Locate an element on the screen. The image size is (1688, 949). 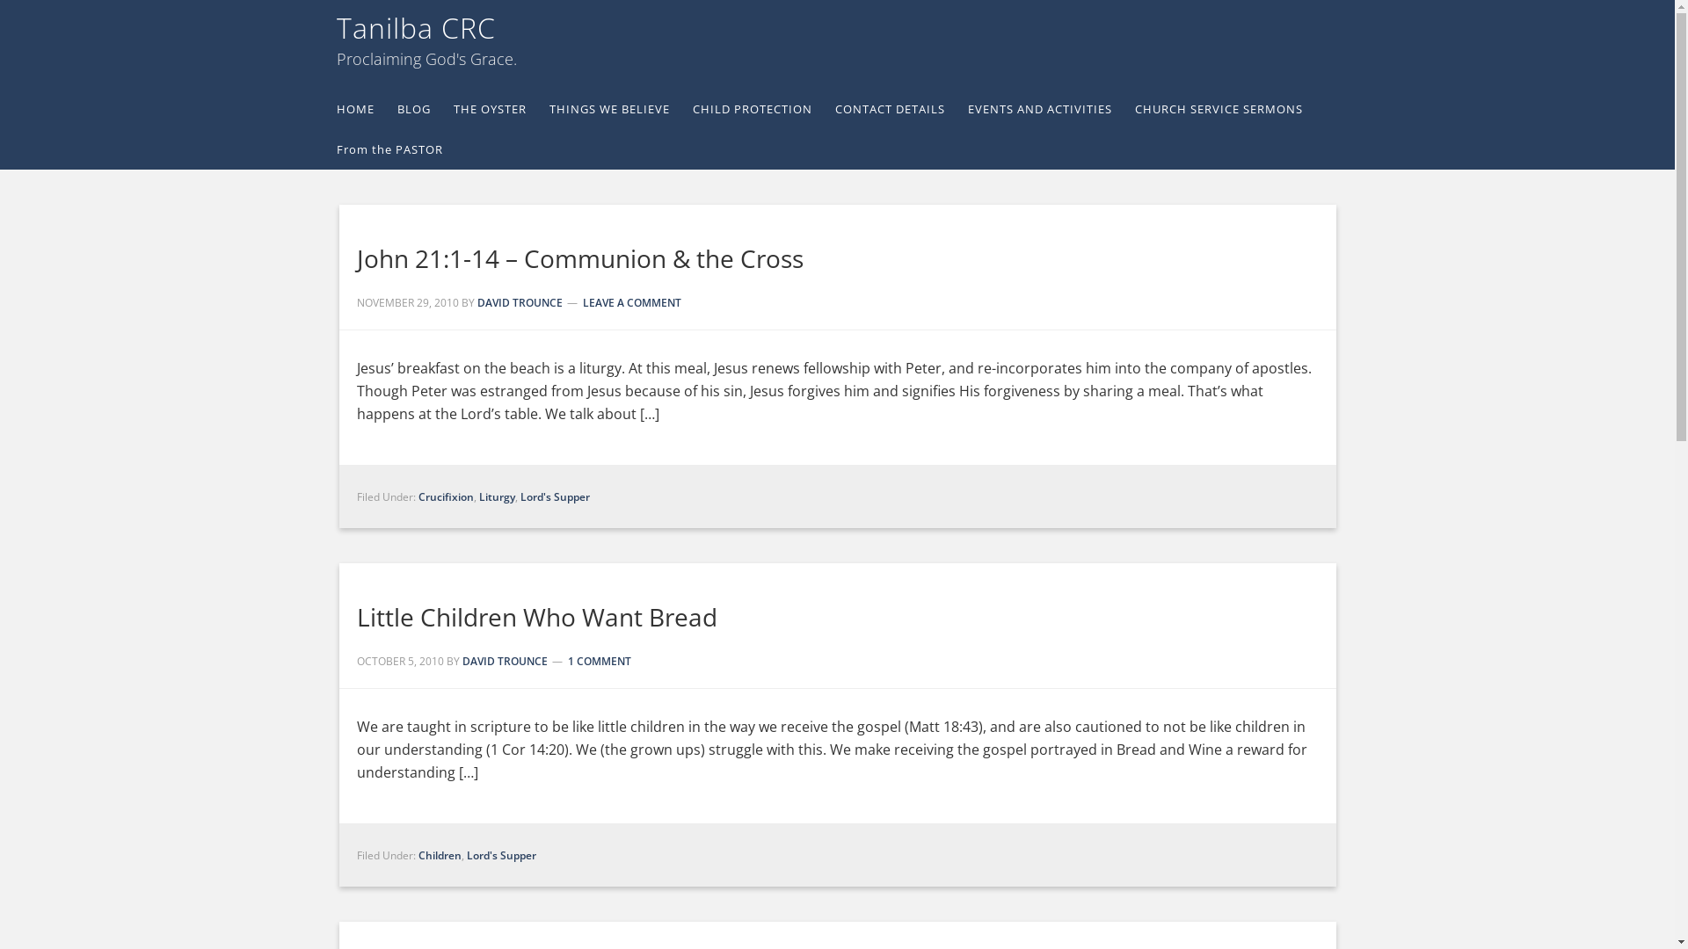
'HOME' is located at coordinates (336, 109).